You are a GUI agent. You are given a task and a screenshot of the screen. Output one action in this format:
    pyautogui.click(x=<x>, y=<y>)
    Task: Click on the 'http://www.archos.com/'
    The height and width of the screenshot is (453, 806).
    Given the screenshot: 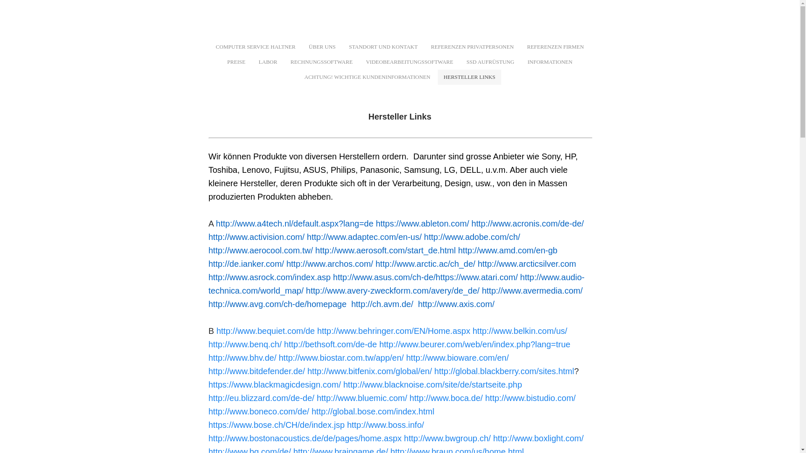 What is the action you would take?
    pyautogui.click(x=329, y=263)
    